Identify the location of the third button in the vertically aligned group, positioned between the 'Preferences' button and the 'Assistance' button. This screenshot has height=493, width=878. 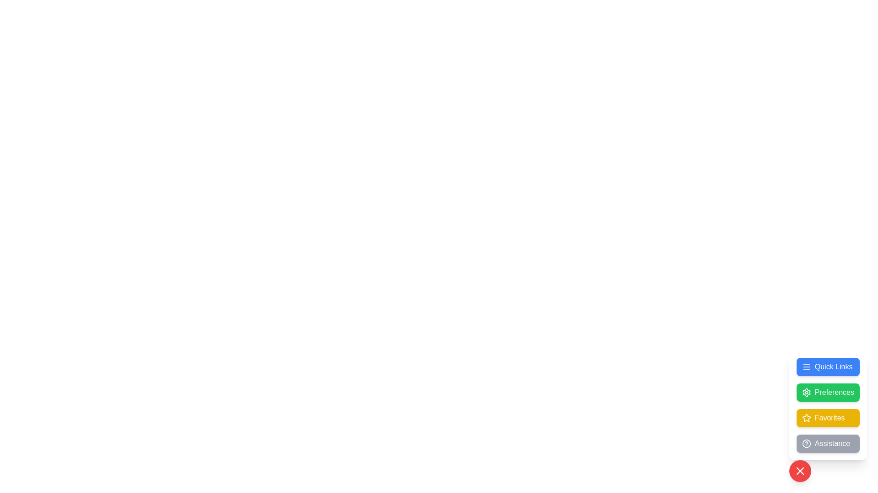
(828, 418).